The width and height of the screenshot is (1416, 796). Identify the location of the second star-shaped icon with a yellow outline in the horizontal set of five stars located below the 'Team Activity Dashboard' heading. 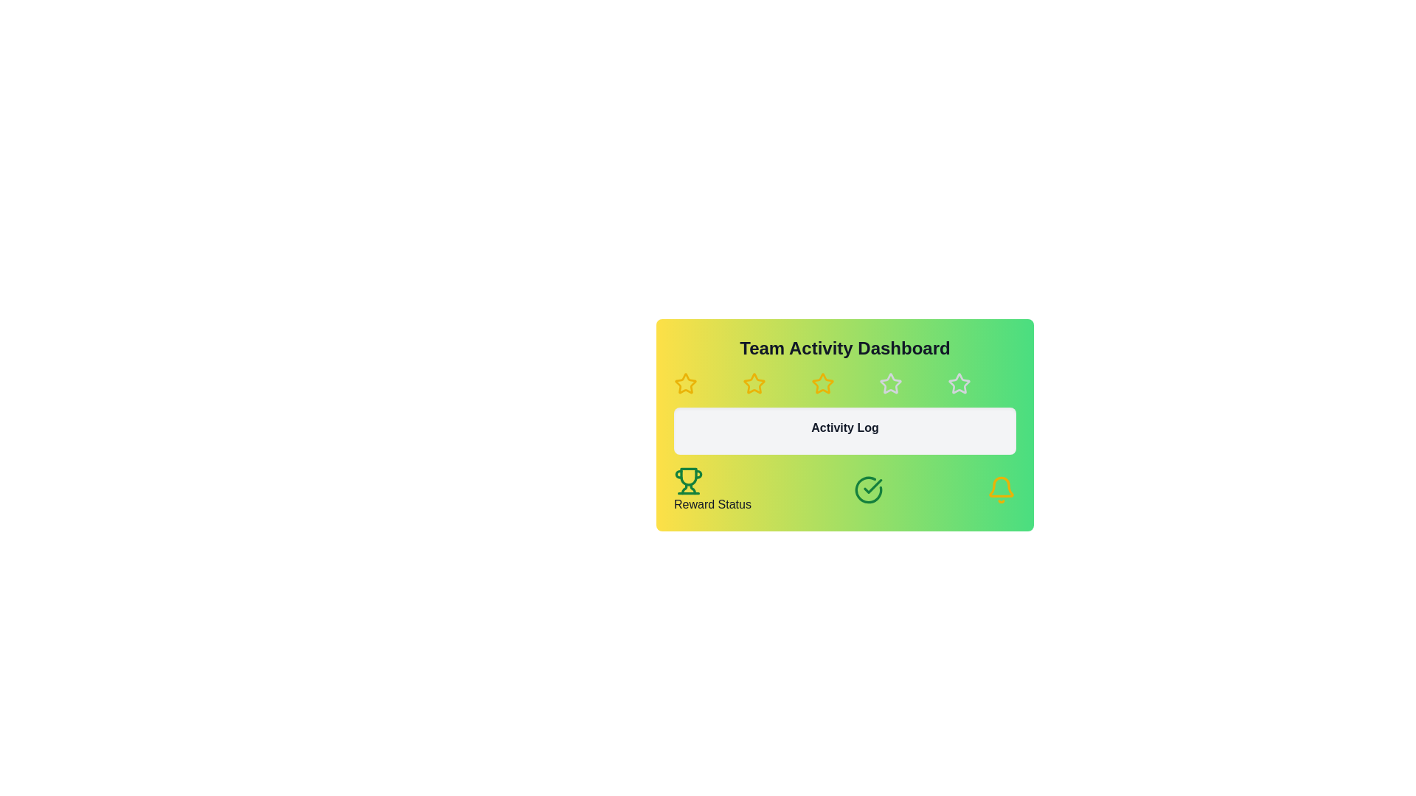
(685, 383).